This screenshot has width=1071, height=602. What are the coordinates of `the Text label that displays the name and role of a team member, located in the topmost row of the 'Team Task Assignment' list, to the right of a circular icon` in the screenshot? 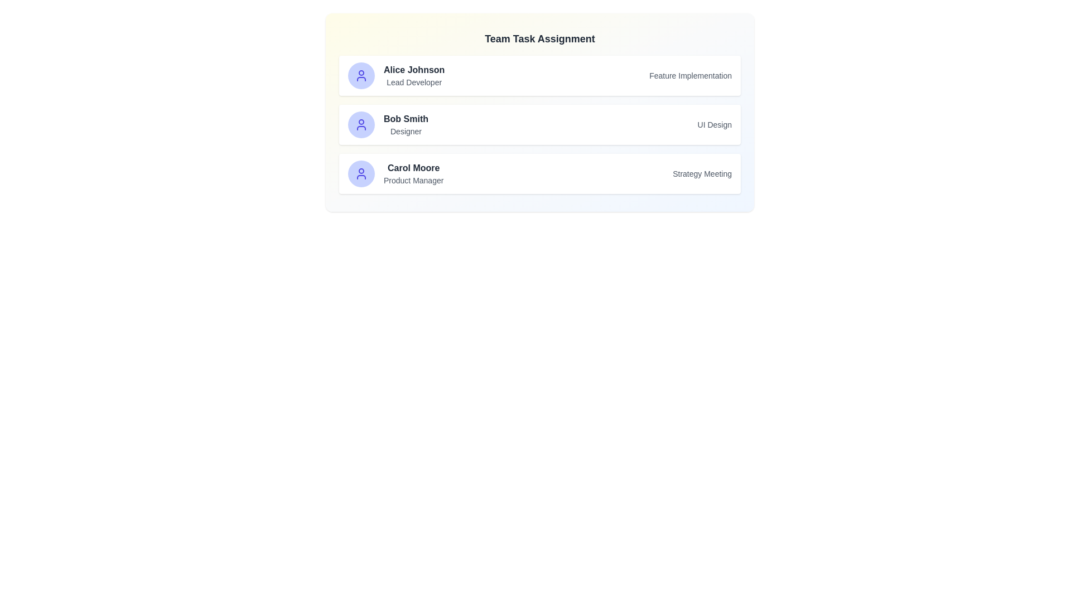 It's located at (413, 75).